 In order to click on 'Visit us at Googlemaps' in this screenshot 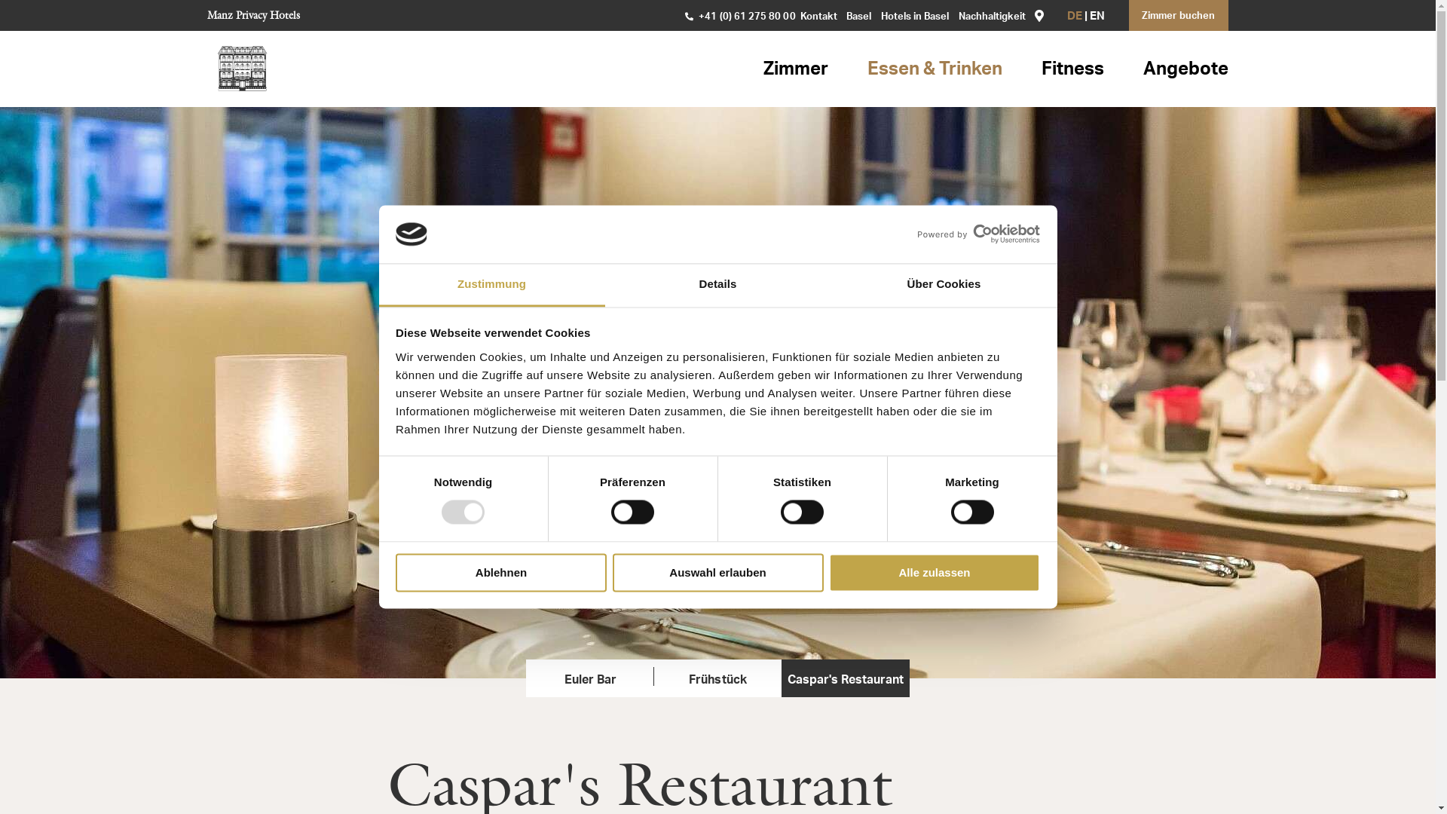, I will do `click(1038, 14)`.